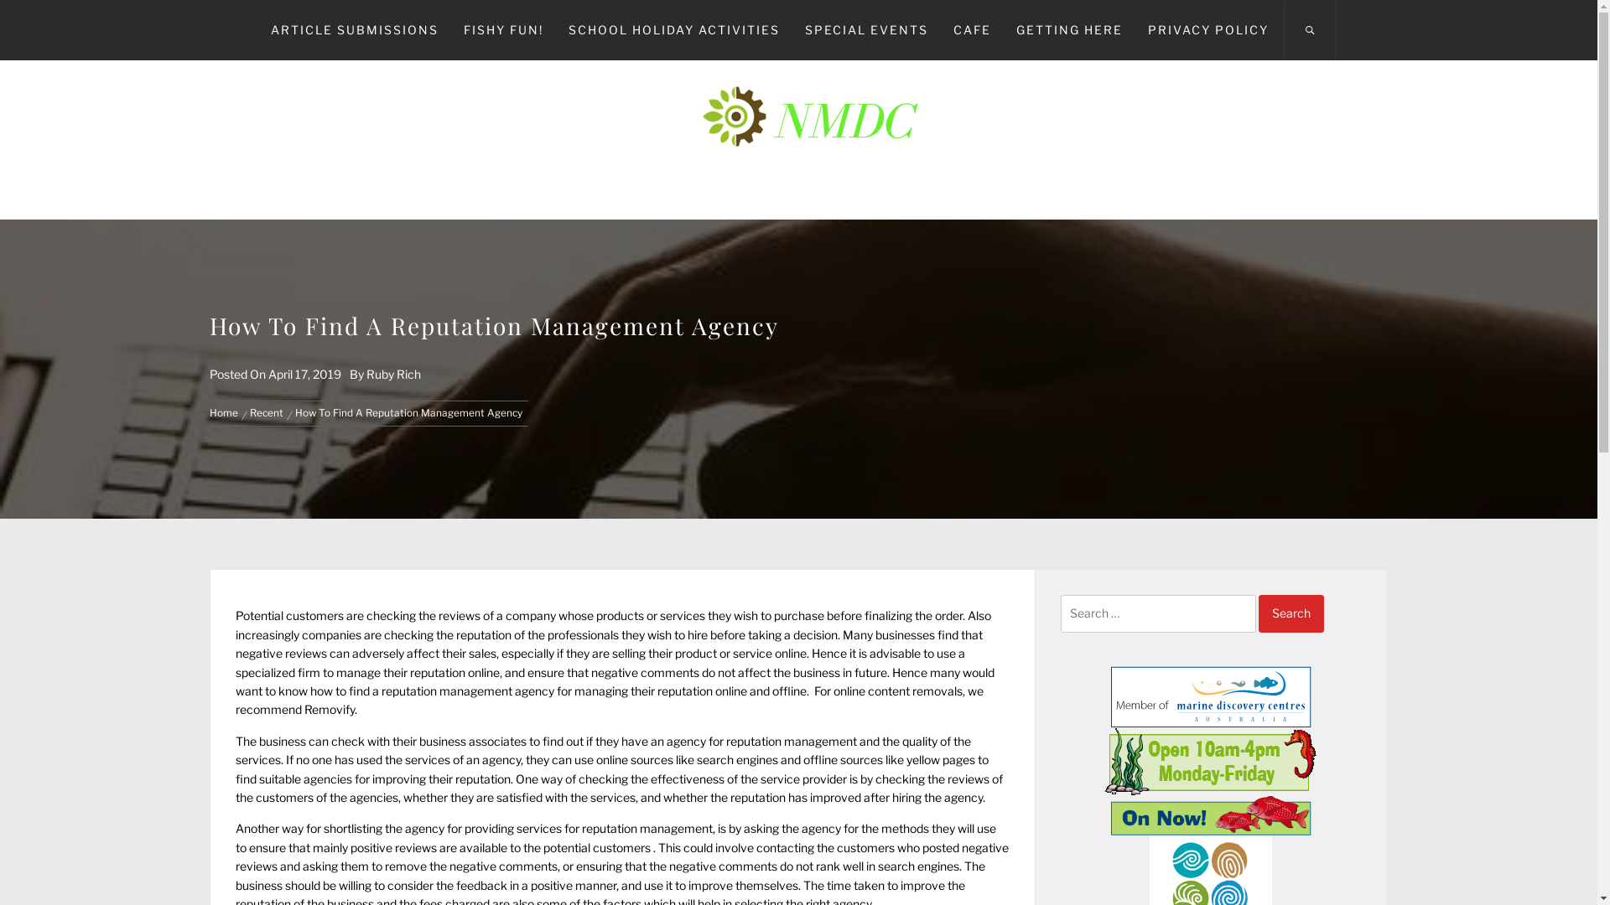 This screenshot has width=1610, height=905. I want to click on 'NMDC', so click(797, 123).